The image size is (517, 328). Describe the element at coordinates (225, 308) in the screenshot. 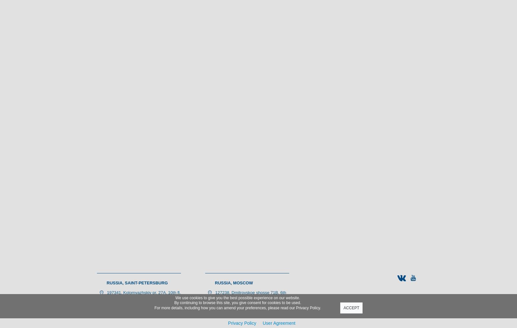

I see `'For more details, including how you can amend your preferences, please read our'` at that location.